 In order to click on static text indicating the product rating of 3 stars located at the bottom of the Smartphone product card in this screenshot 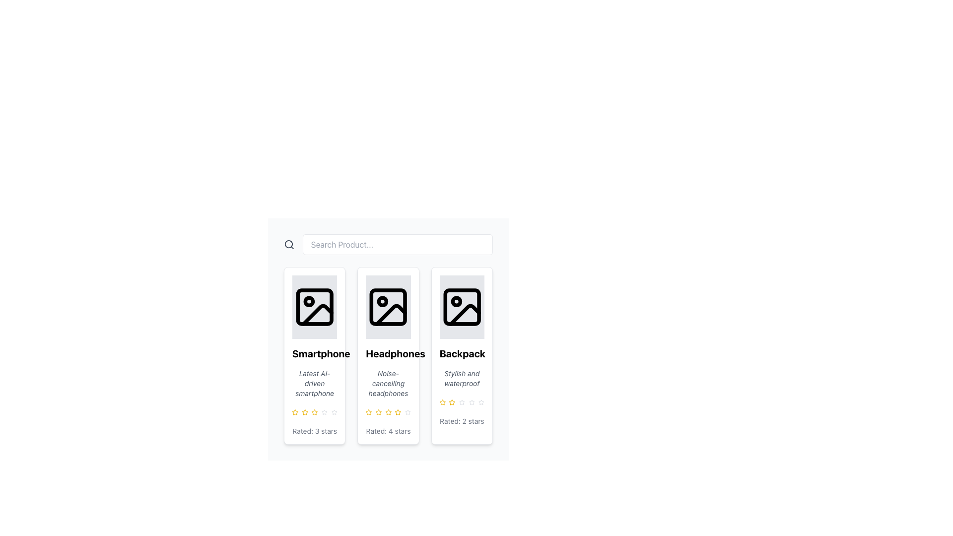, I will do `click(314, 430)`.